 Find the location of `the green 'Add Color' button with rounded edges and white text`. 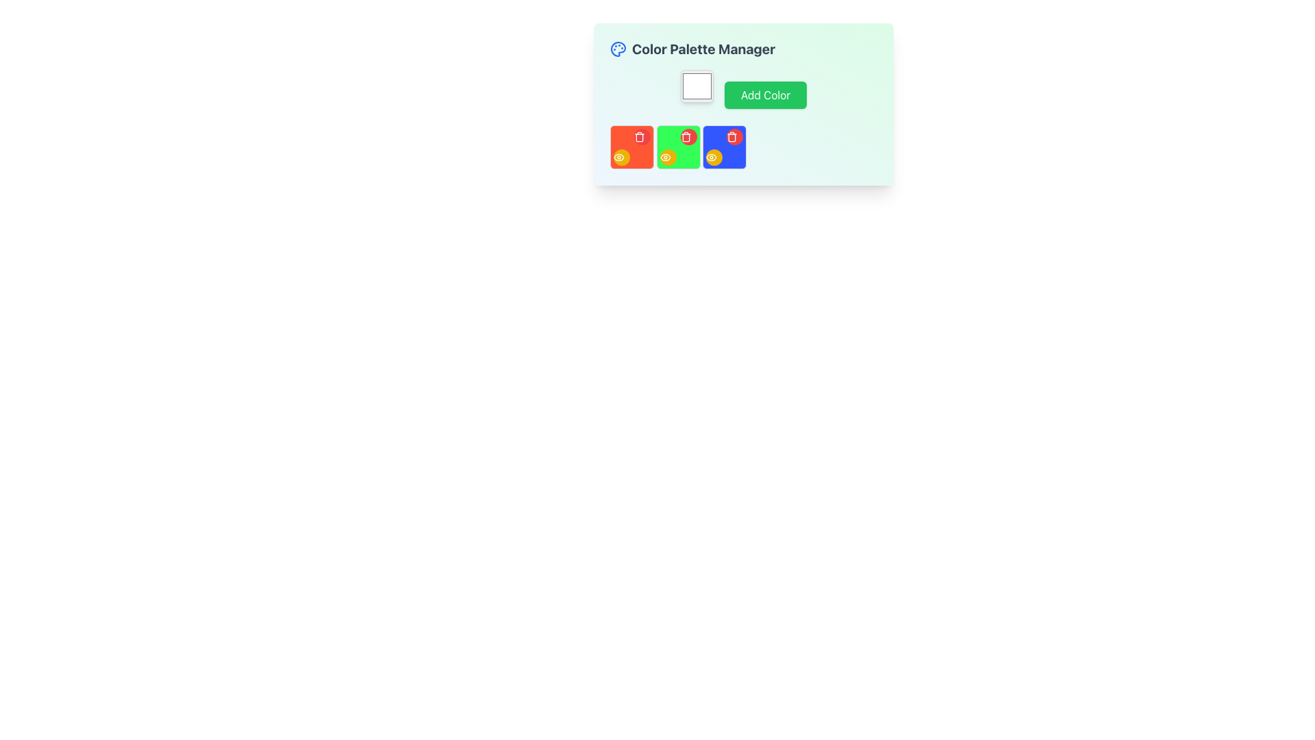

the green 'Add Color' button with rounded edges and white text is located at coordinates (765, 94).